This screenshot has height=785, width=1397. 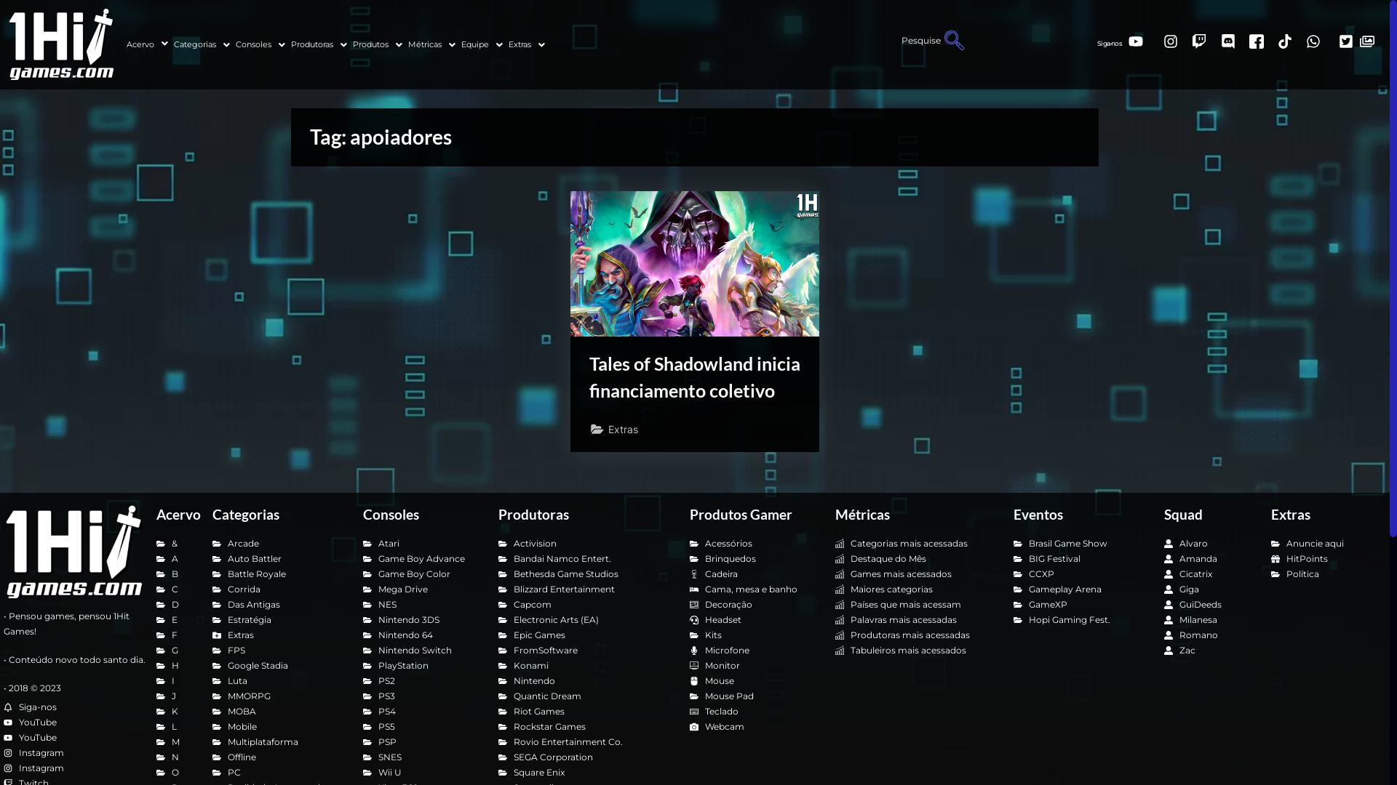 I want to click on 'FPS', so click(x=280, y=649).